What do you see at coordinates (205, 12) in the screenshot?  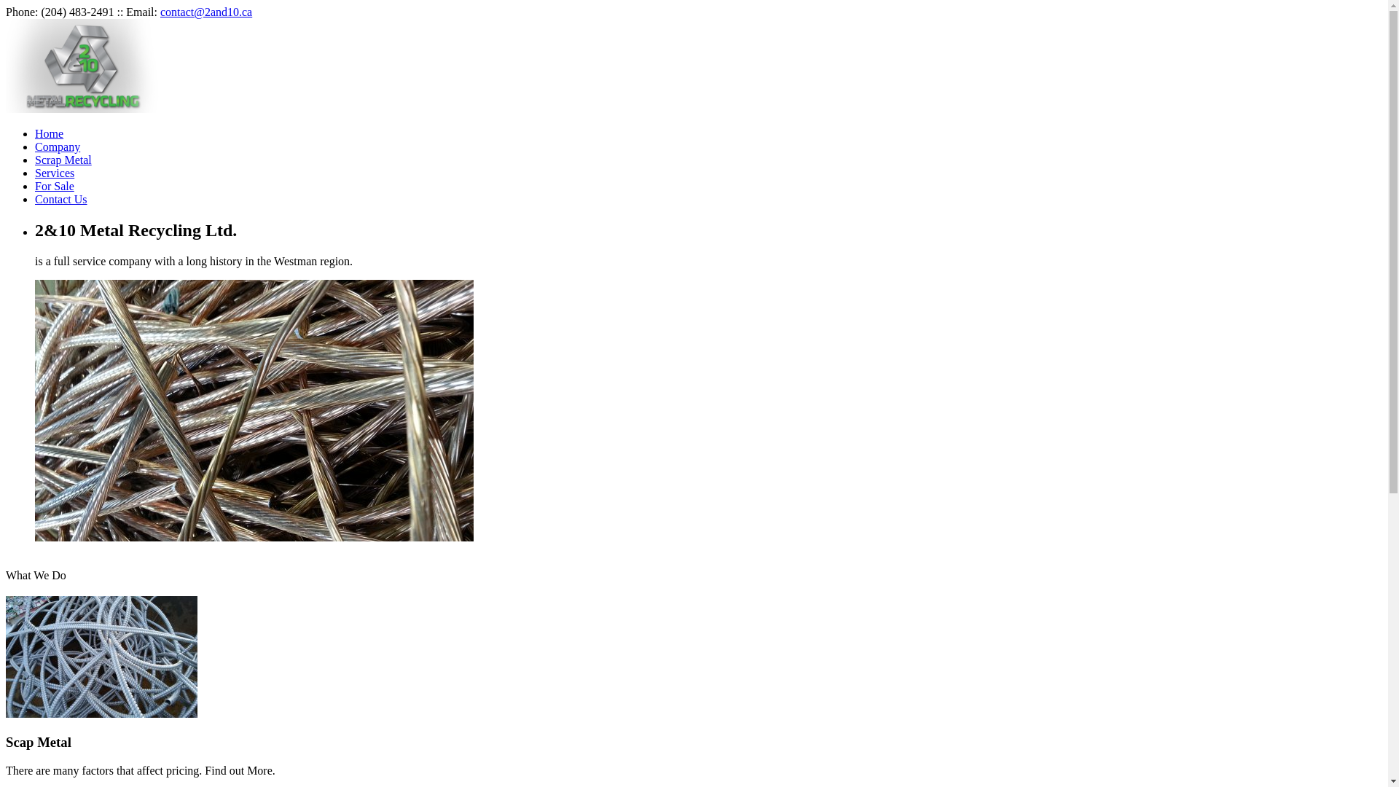 I see `'contact@2and10.ca'` at bounding box center [205, 12].